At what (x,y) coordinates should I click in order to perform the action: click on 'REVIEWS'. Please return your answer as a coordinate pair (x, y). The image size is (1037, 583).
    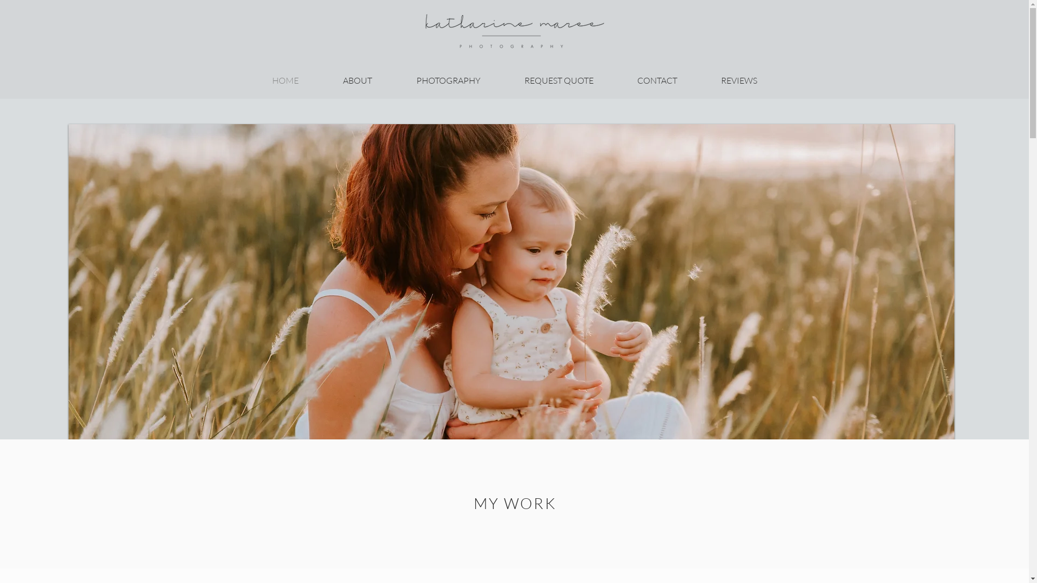
    Looking at the image, I should click on (738, 80).